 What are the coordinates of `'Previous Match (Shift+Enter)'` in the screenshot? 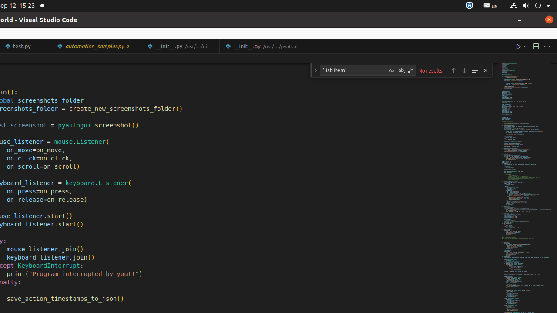 It's located at (453, 70).